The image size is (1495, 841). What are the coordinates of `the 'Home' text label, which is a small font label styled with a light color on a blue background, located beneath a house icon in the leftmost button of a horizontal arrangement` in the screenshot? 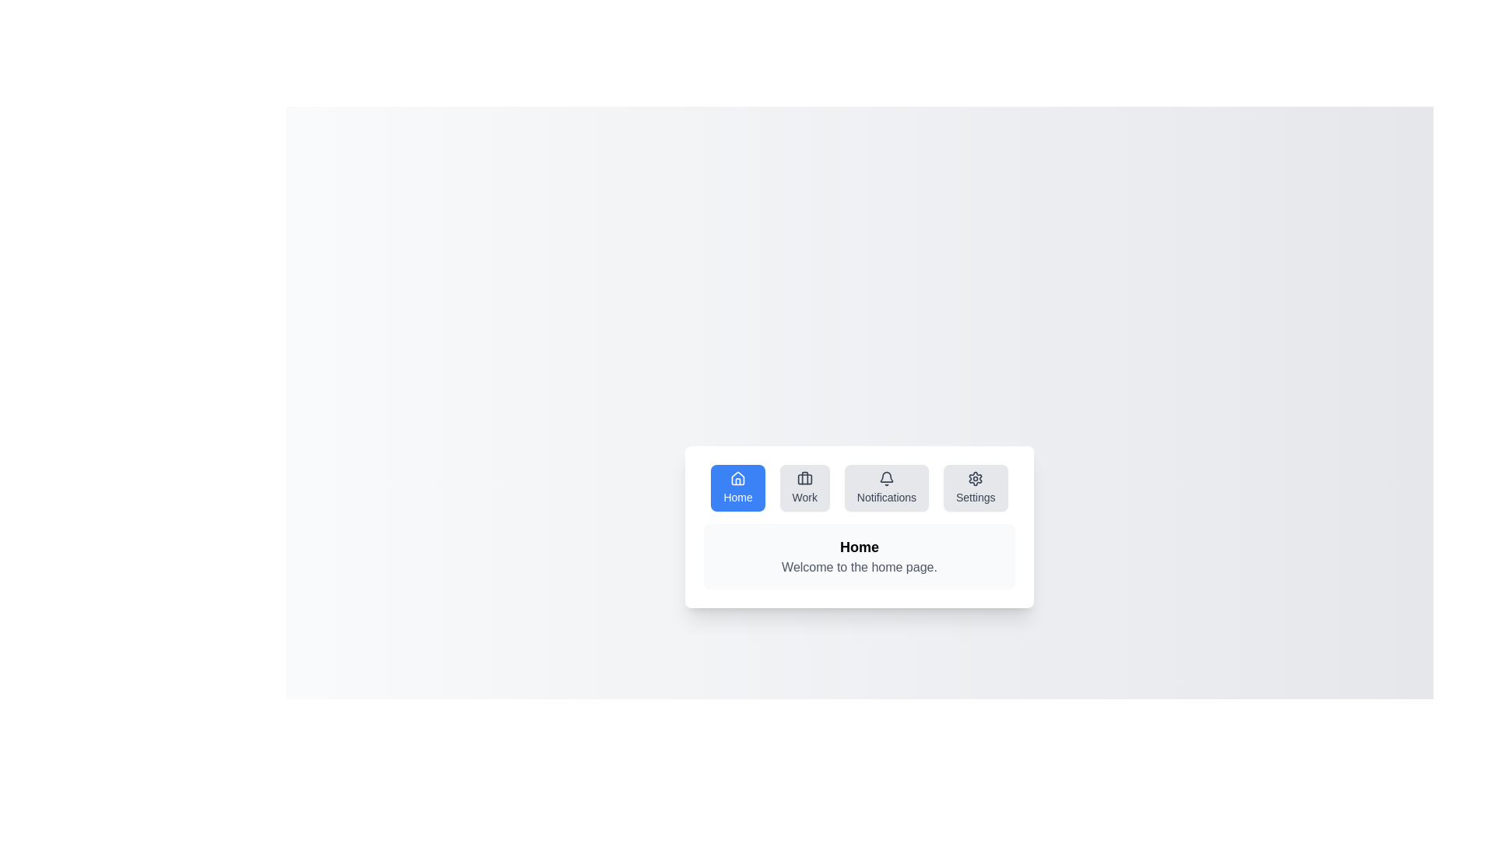 It's located at (737, 498).